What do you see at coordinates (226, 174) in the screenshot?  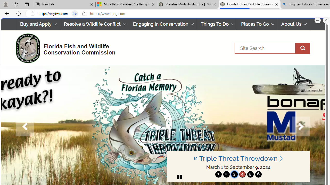 I see `'2'` at bounding box center [226, 174].